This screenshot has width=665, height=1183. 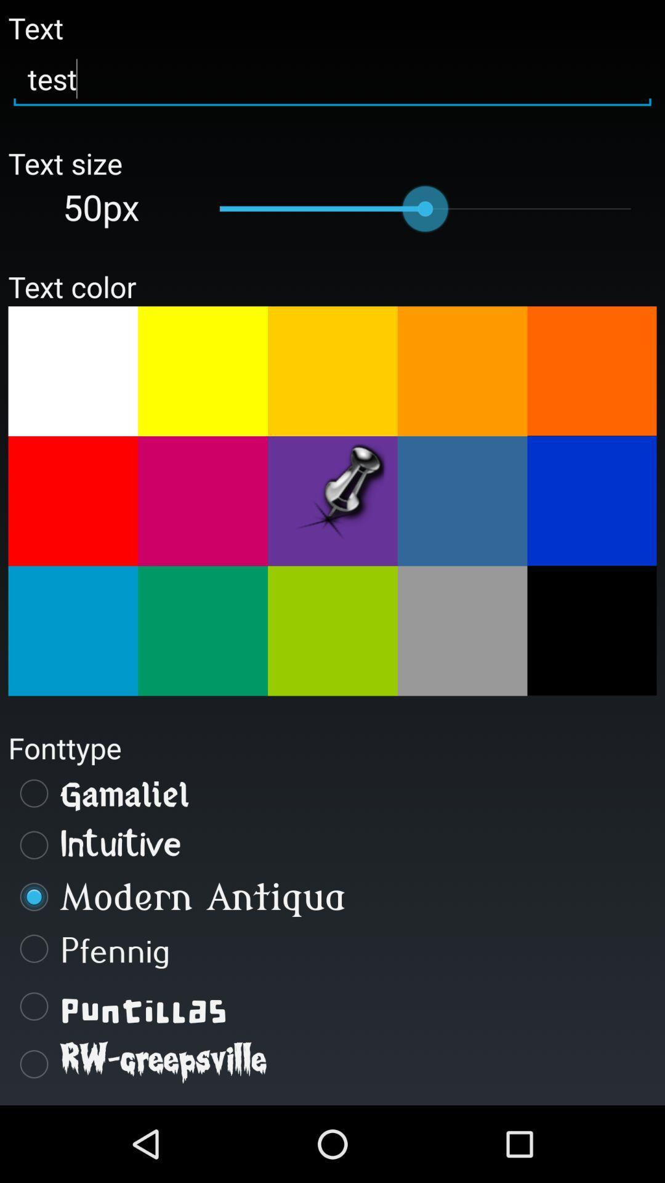 I want to click on light green text color, so click(x=332, y=631).